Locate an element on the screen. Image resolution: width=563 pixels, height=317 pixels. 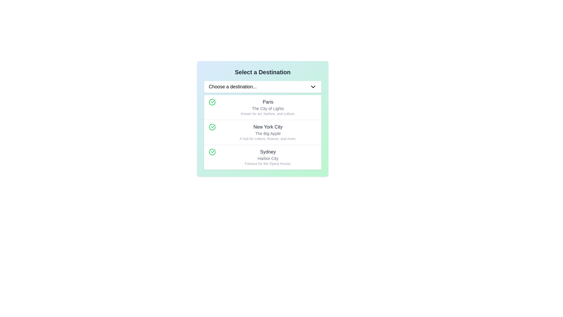
descriptive text label that provides contextual information related to the 'Sydney' label, located in the third option of the list of destinations is located at coordinates (267, 158).